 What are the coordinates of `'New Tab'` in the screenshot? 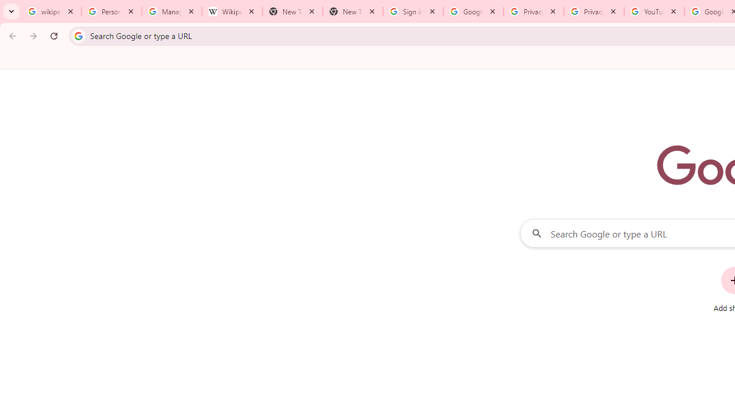 It's located at (352, 11).